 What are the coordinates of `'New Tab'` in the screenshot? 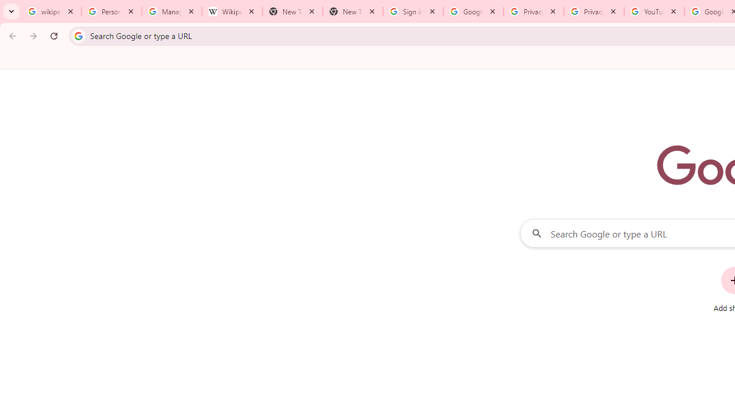 It's located at (352, 11).